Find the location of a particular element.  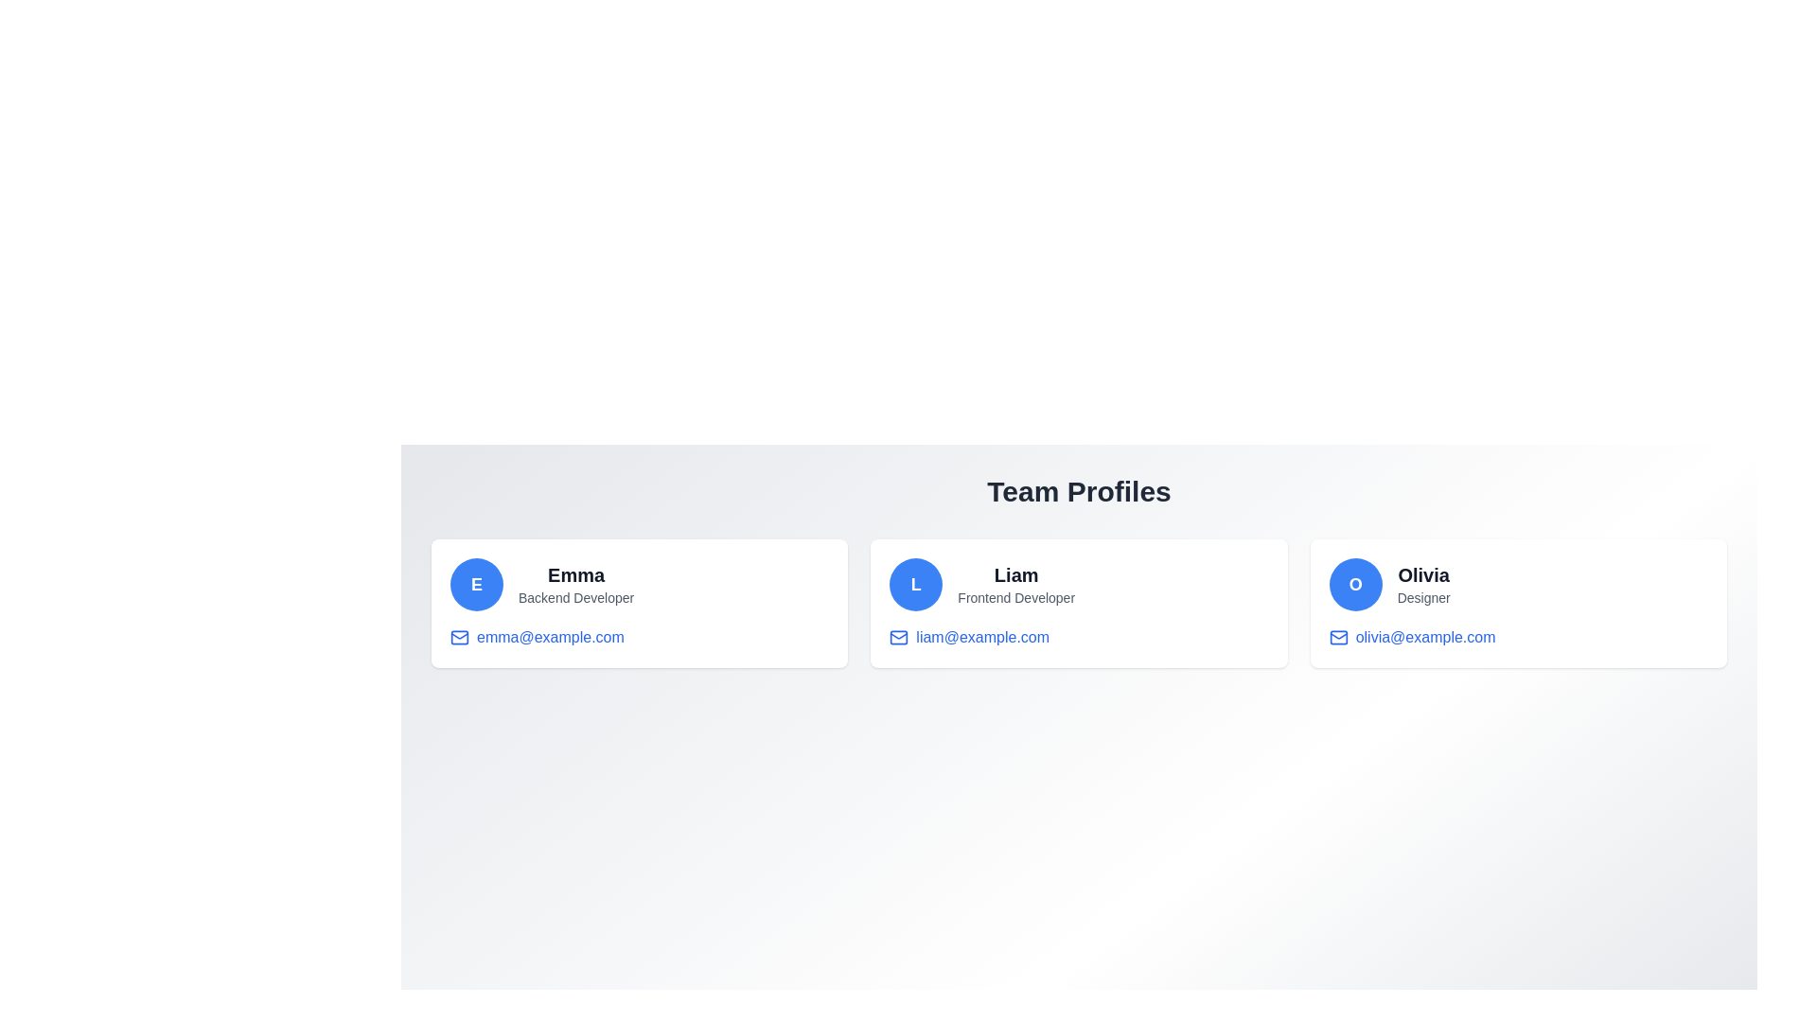

the text label displaying the name 'Emma', which is a bold and larger font indicating emphasis, located below the circular icon with the letter 'E' in the user profile card layout is located at coordinates (575, 574).